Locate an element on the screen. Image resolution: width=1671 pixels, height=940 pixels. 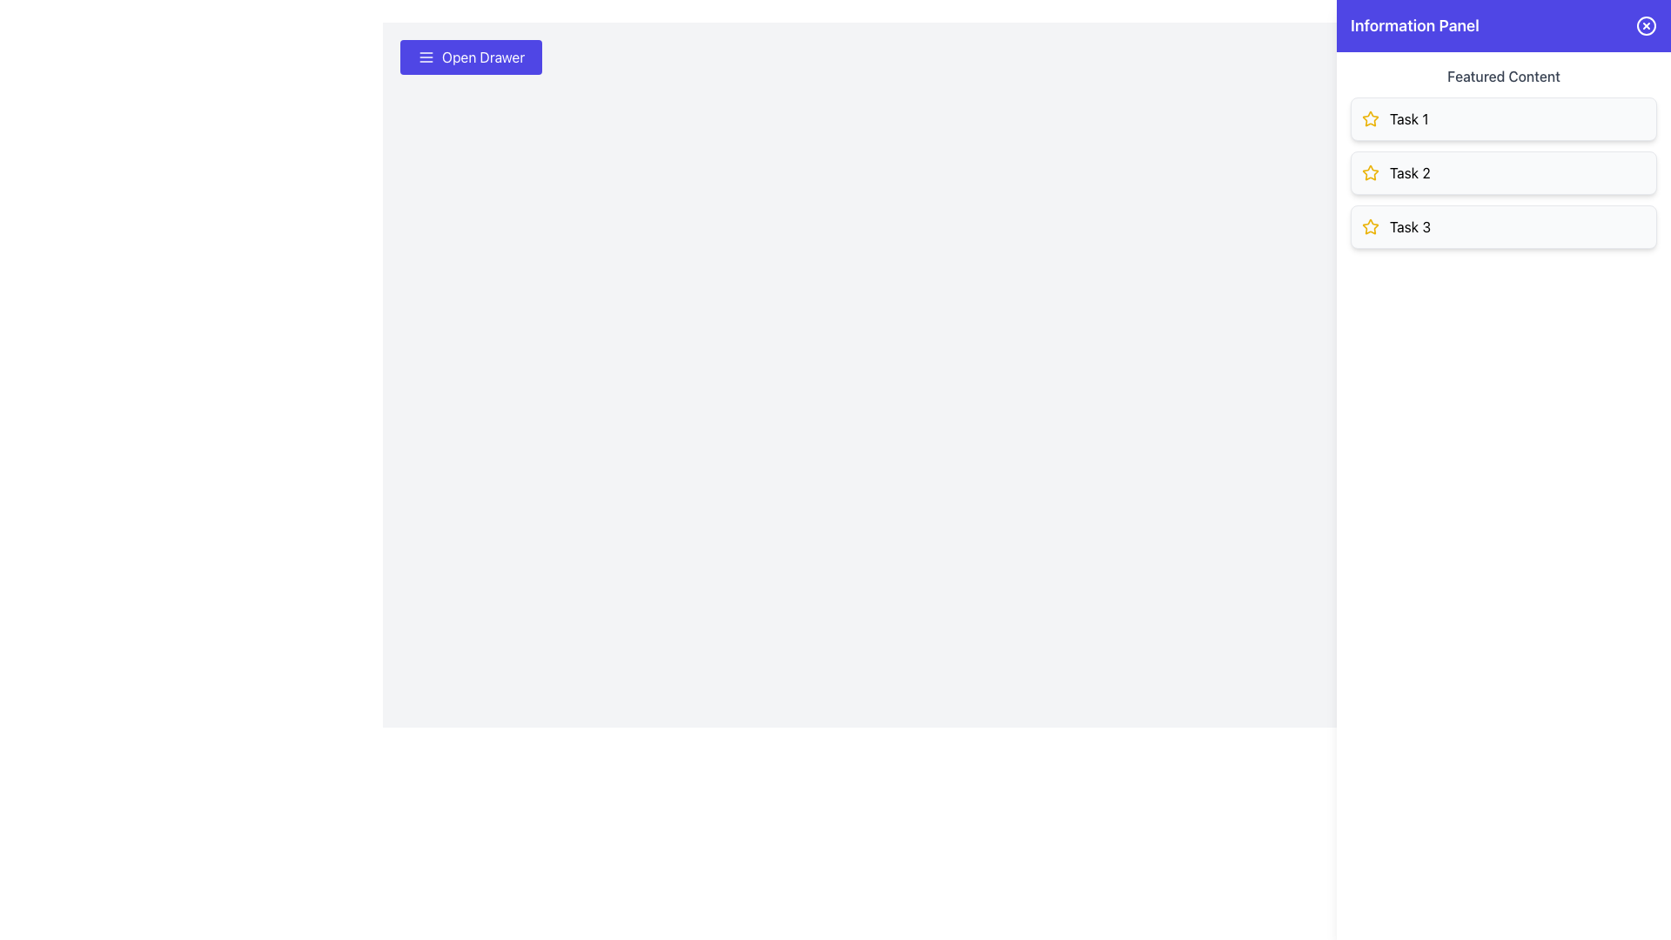
the star icon located in the 'Information Panel' next to 'Task 1' in the 'Featured Content' section is located at coordinates (1369, 172).